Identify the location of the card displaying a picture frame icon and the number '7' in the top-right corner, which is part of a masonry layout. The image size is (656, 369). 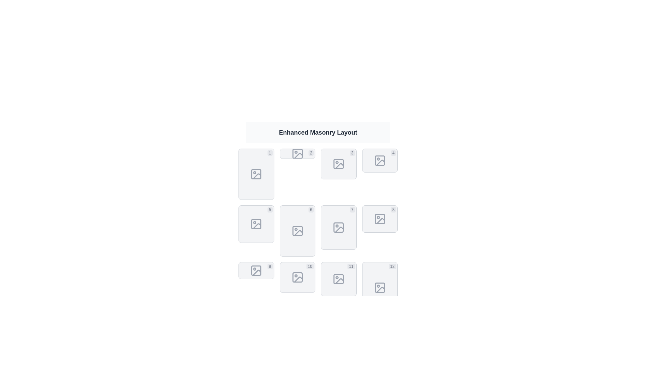
(339, 228).